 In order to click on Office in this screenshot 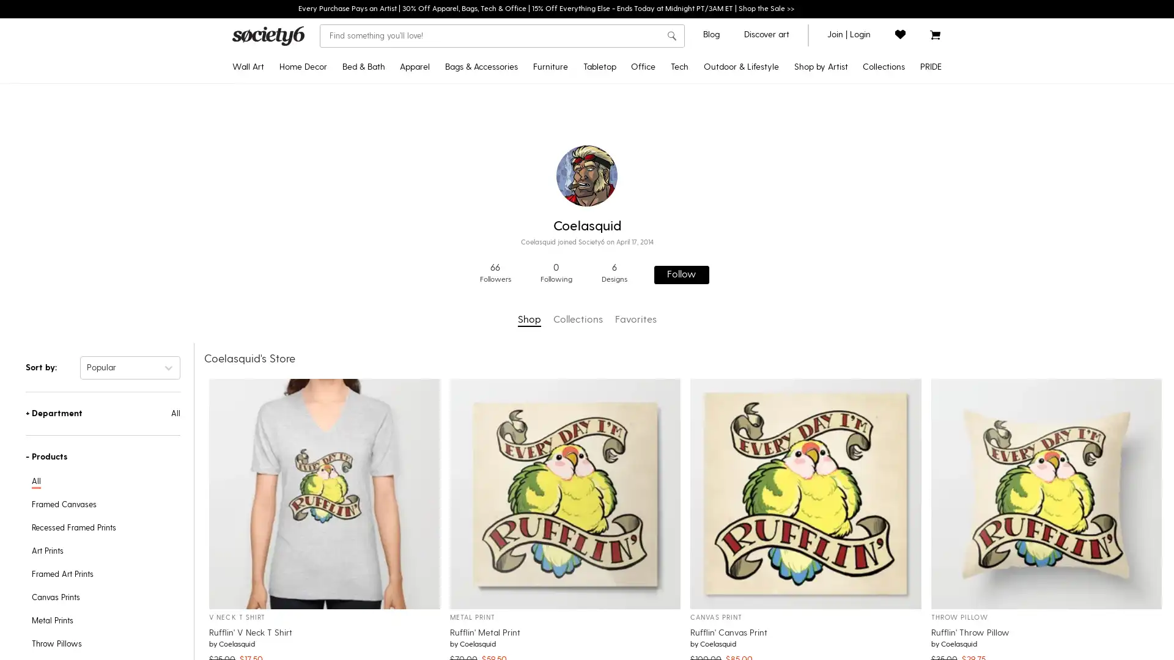, I will do `click(642, 67)`.